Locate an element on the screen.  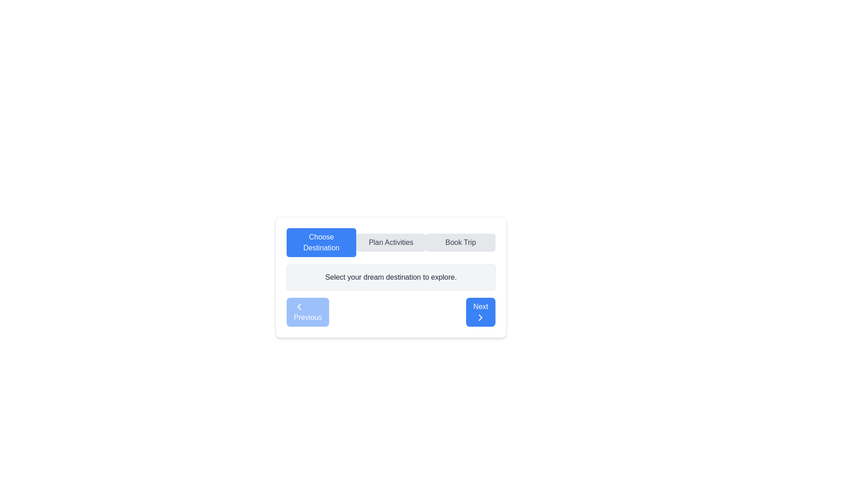
the selection button located on the left side of the row of buttons is located at coordinates (321, 242).